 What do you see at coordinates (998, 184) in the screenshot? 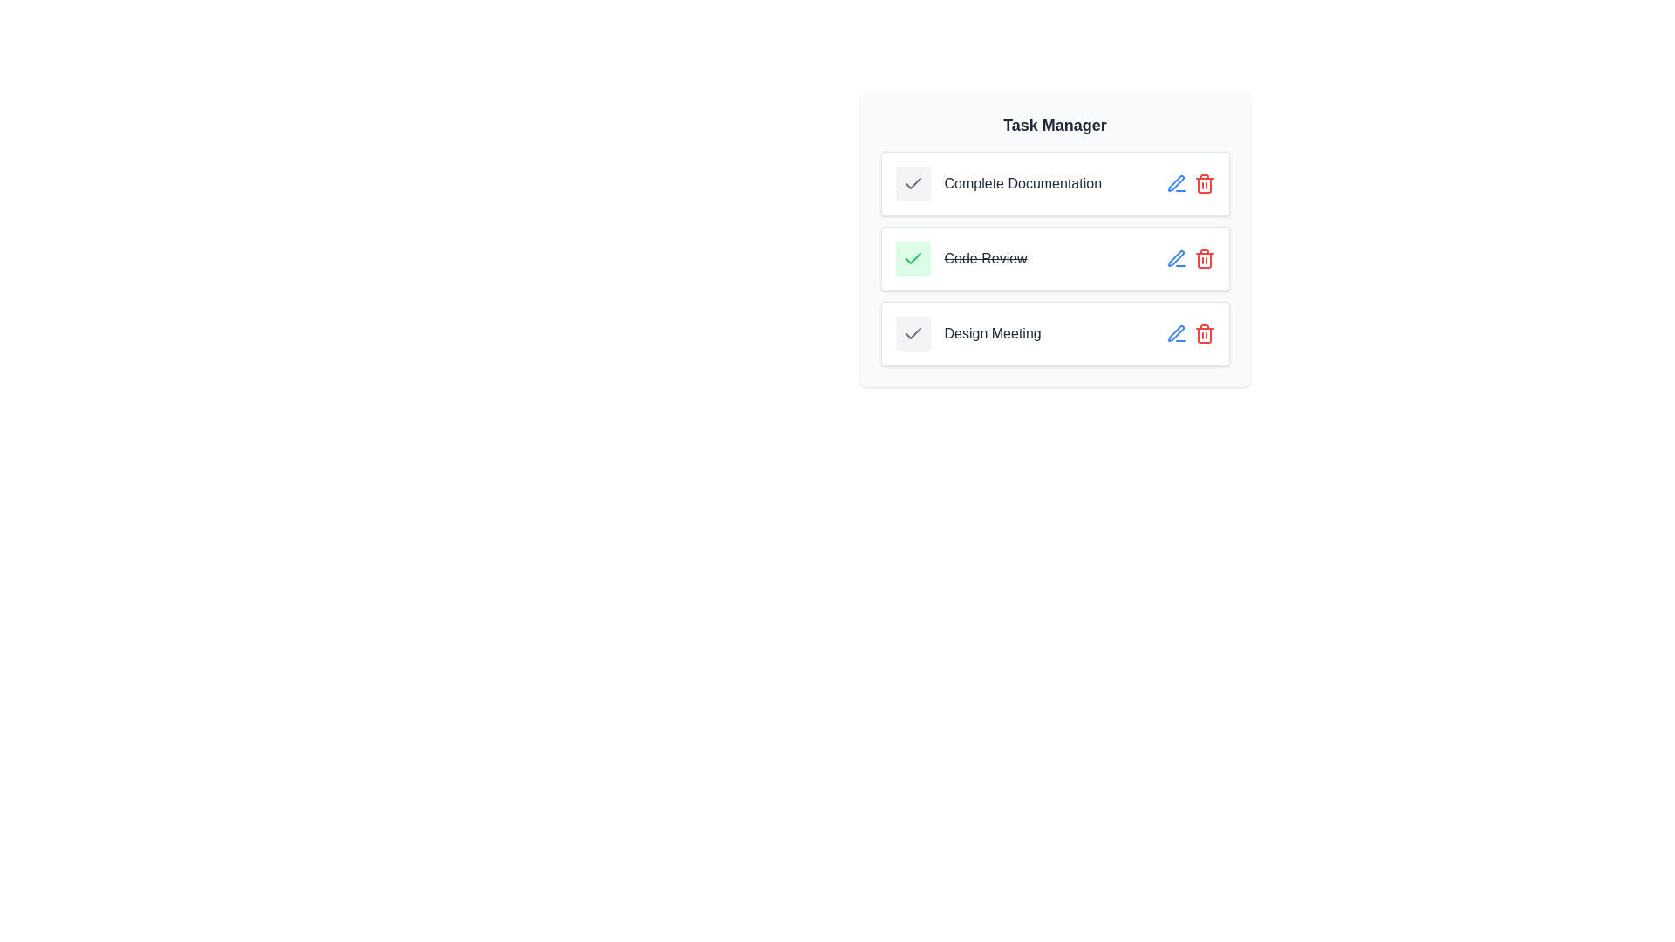
I see `the task labeled 'Complete Documentation', which is marked as completed with a checkmark` at bounding box center [998, 184].